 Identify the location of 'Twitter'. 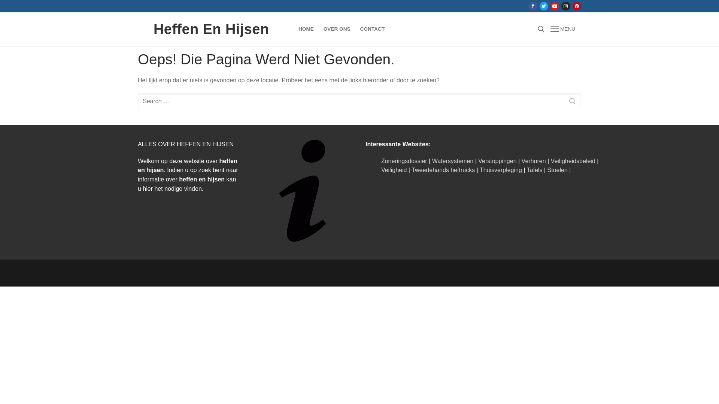
(544, 6).